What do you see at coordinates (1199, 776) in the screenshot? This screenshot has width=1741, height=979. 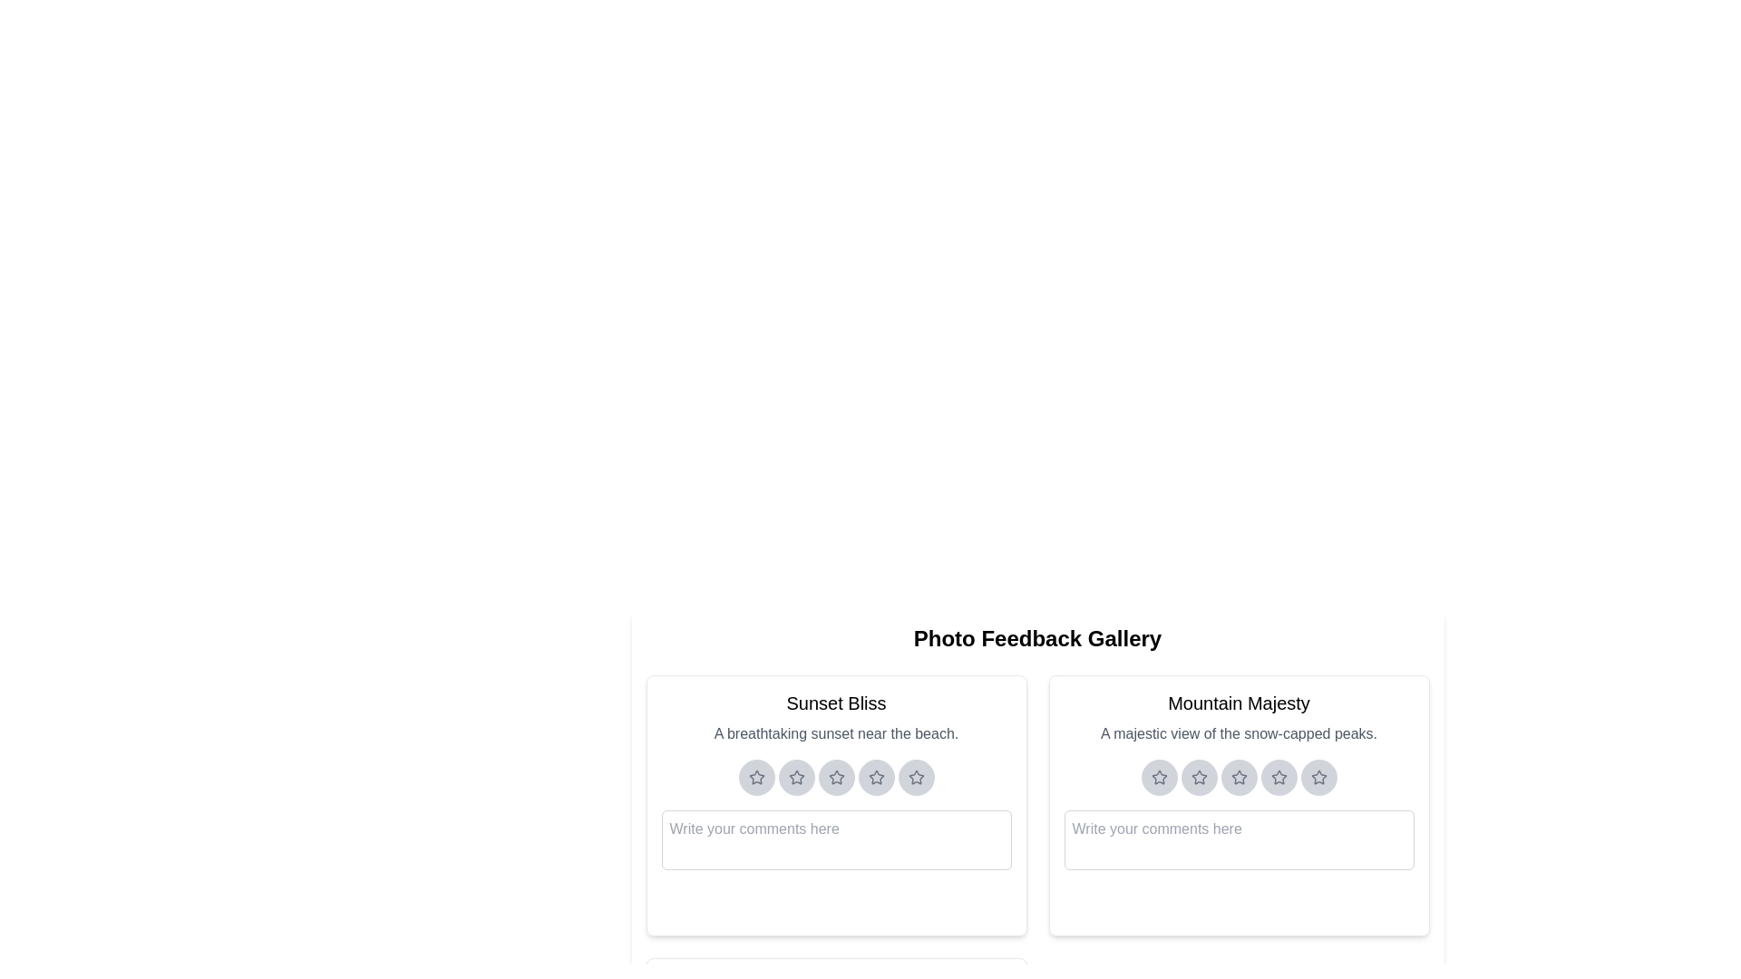 I see `the second star in the 'Mountain Majesty' feedback section` at bounding box center [1199, 776].